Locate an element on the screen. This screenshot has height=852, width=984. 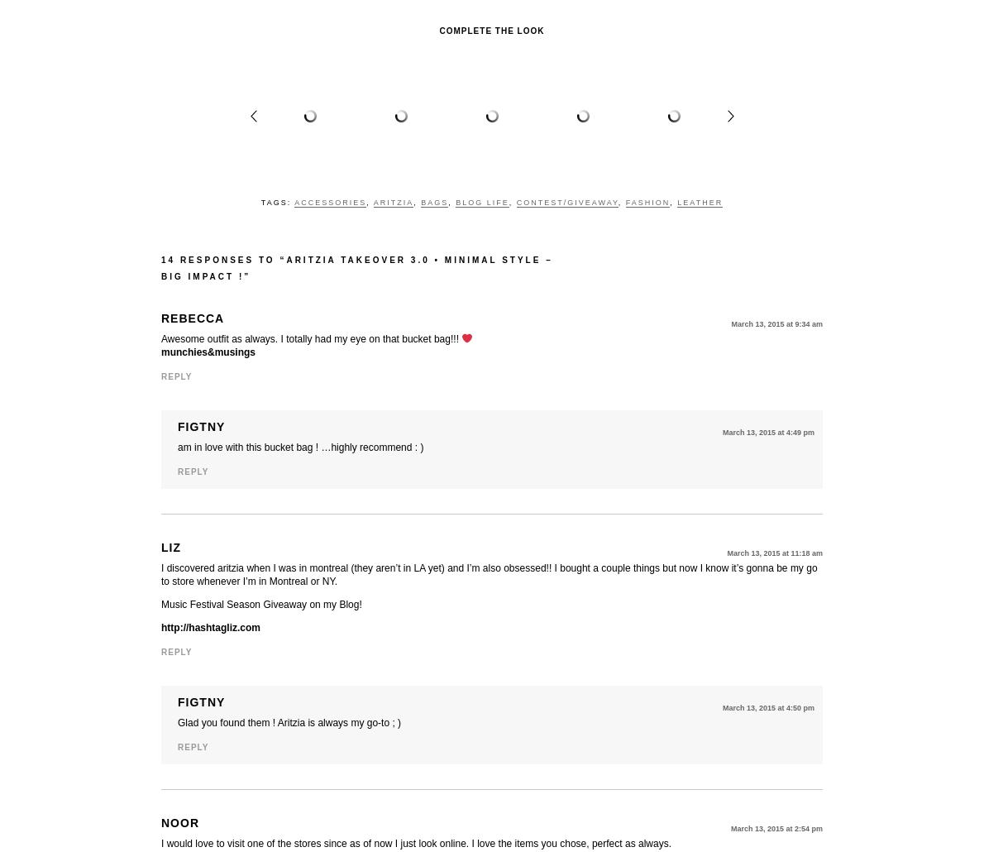
'March 13, 2015 at 9:34 am' is located at coordinates (776, 324).